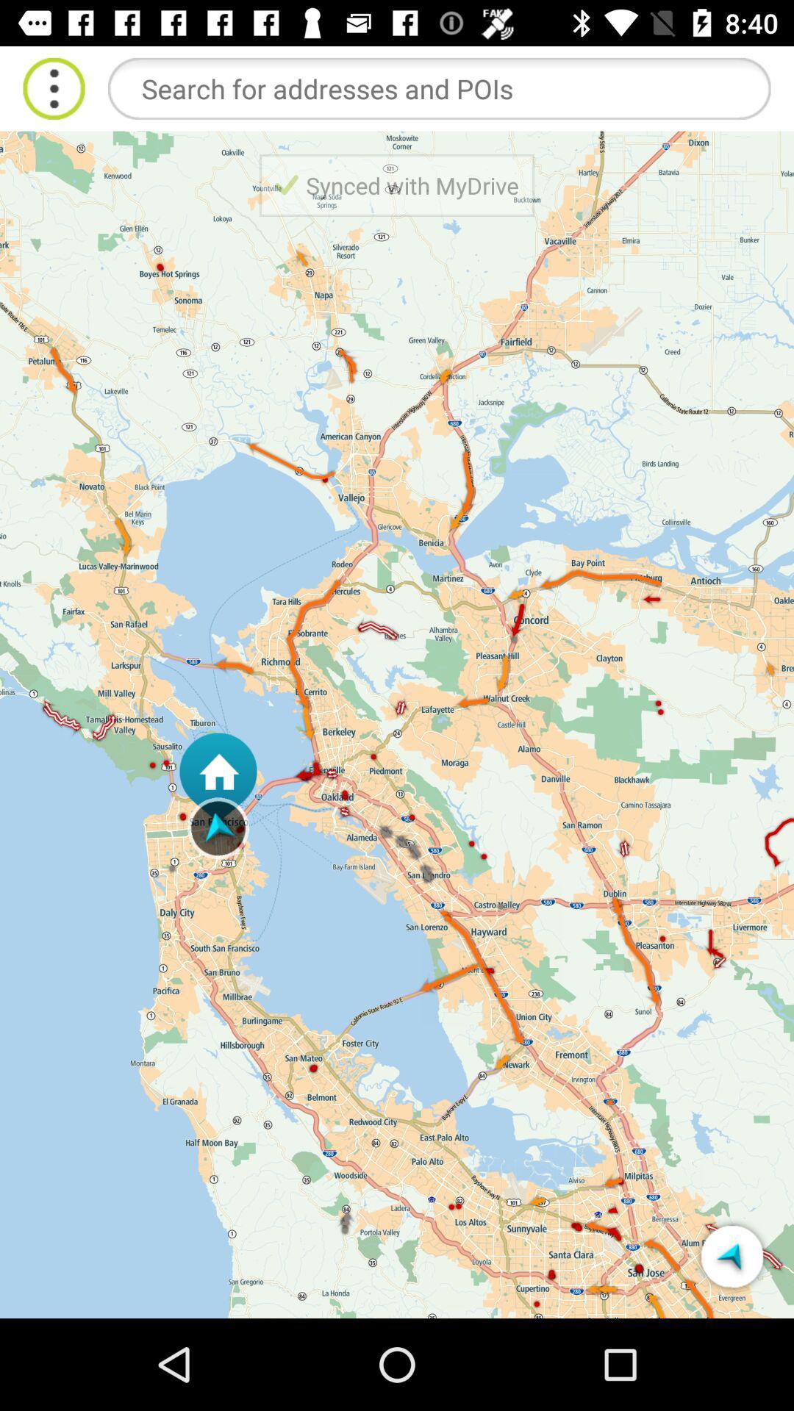  Describe the element at coordinates (732, 1255) in the screenshot. I see `direction of map` at that location.